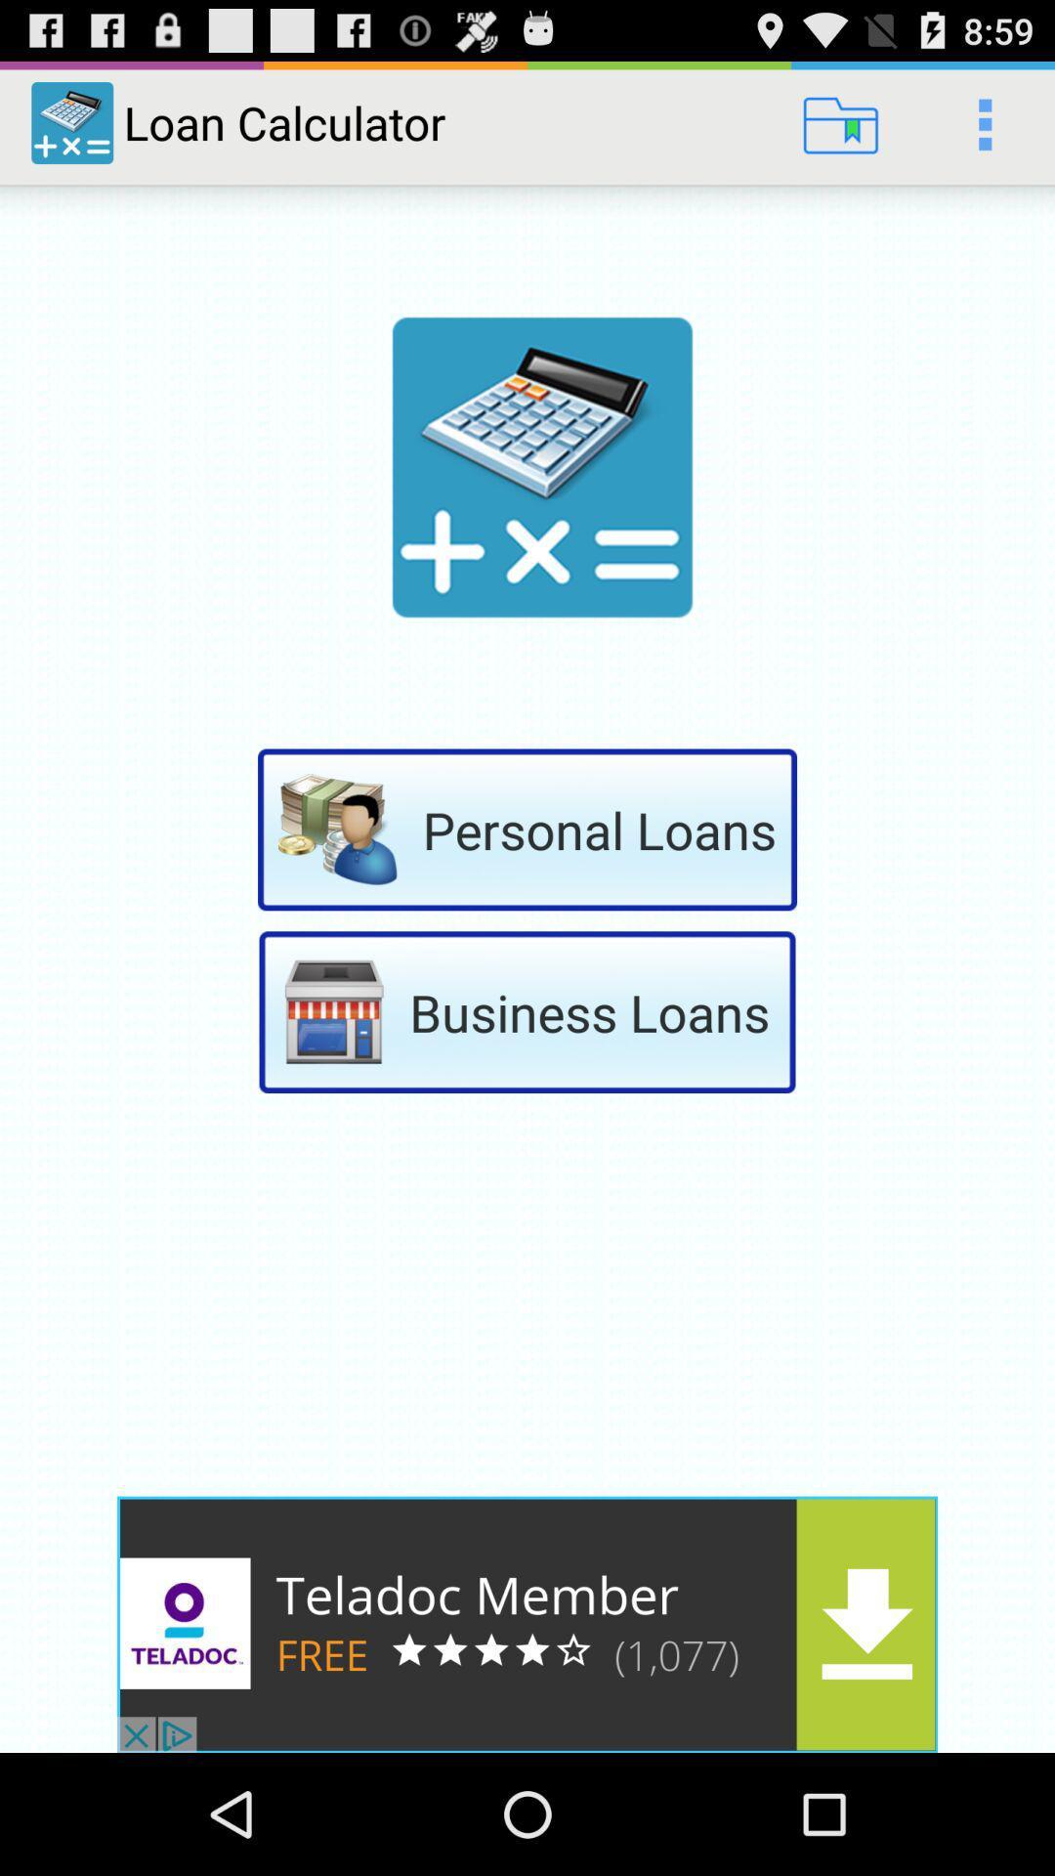 This screenshot has width=1055, height=1876. What do you see at coordinates (527, 1624) in the screenshot?
I see `open teladoc advertisement` at bounding box center [527, 1624].